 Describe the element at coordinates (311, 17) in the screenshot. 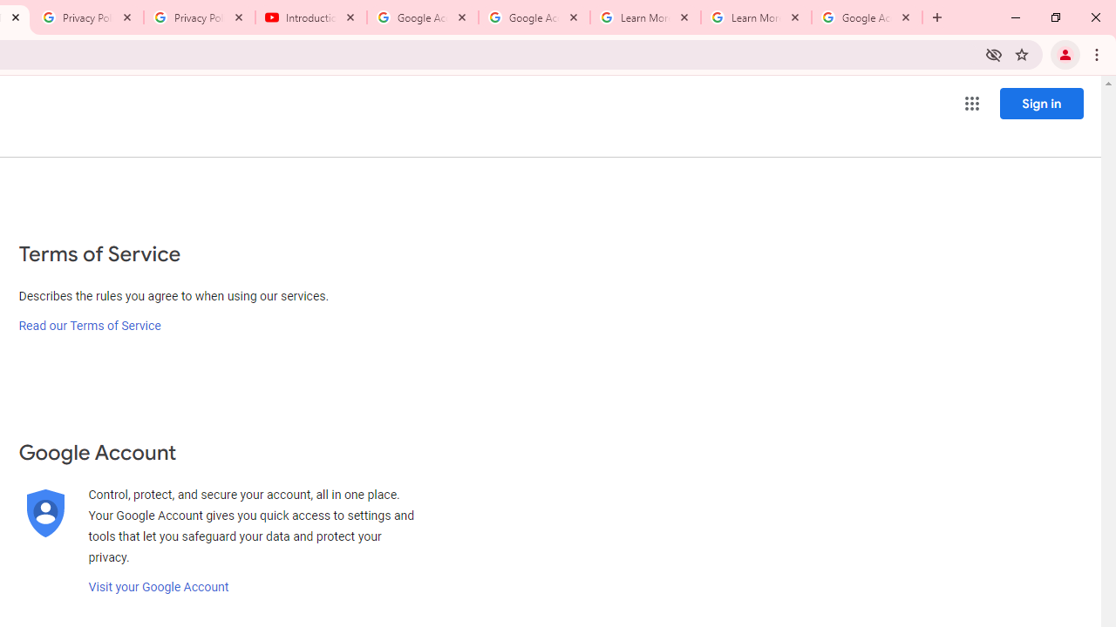

I see `'Introduction | Google Privacy Policy - YouTube'` at that location.